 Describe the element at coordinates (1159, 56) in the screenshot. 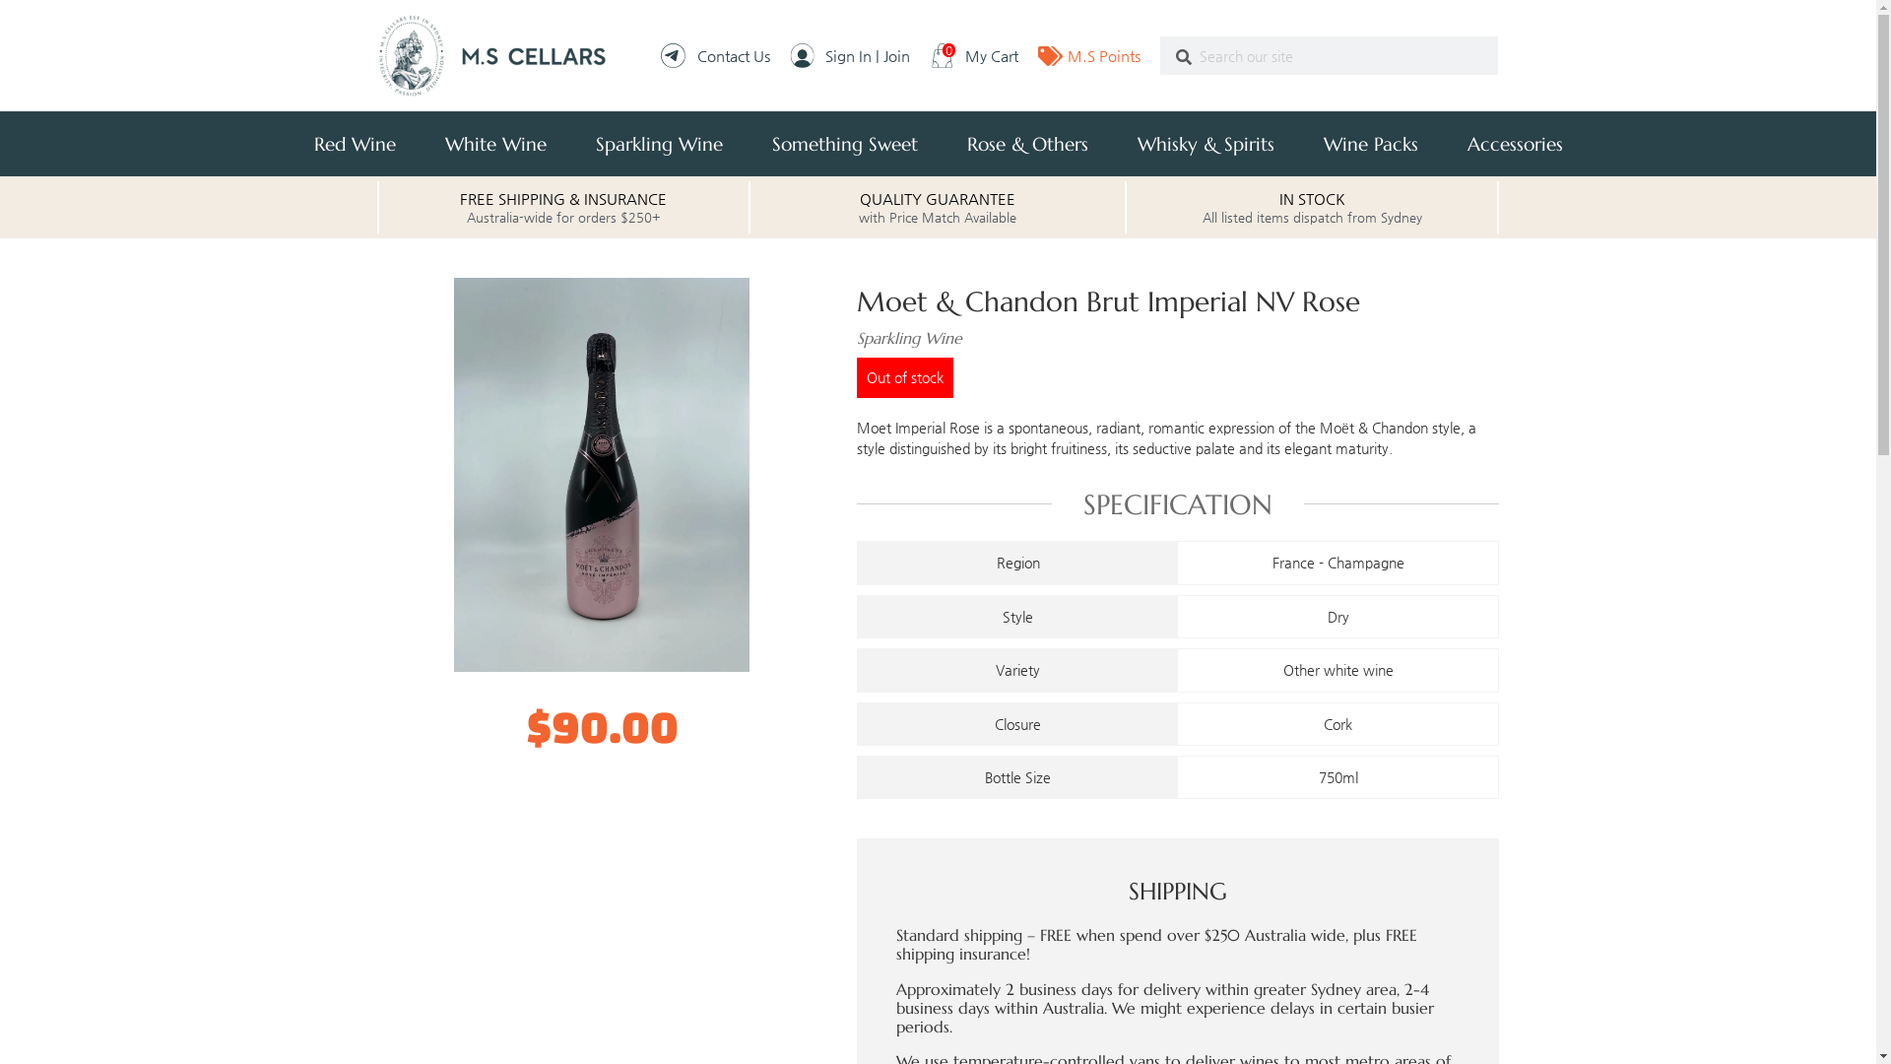

I see `'Submit'` at that location.